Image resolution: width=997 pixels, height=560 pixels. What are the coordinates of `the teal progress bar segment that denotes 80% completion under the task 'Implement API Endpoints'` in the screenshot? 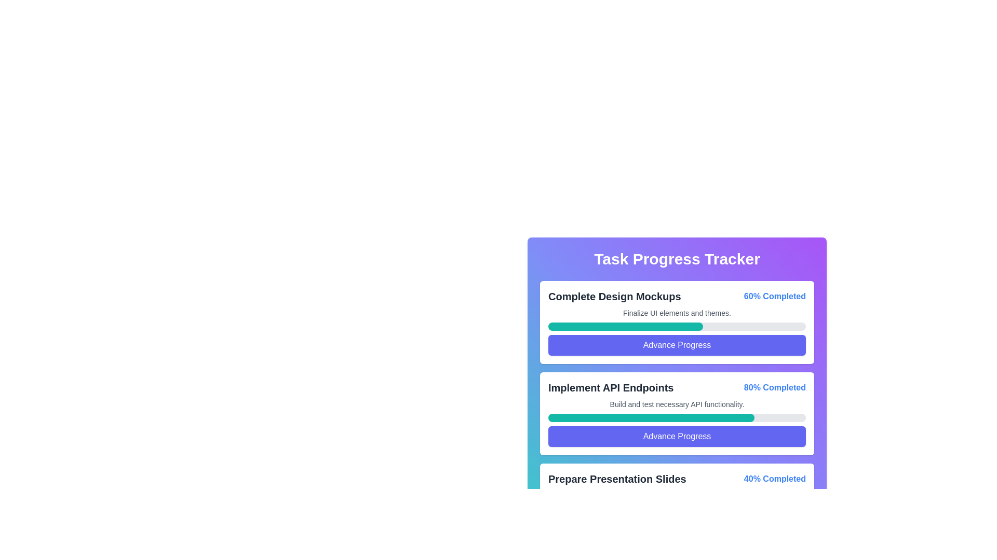 It's located at (651, 417).